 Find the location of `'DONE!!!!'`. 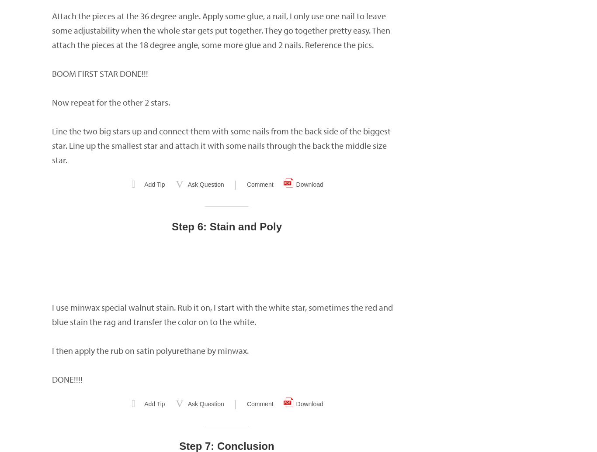

'DONE!!!!' is located at coordinates (66, 379).